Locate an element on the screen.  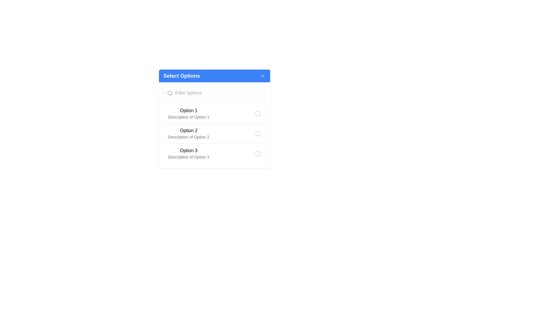
the list item labeled 'Option 2' in the dropdown menu is located at coordinates (214, 133).